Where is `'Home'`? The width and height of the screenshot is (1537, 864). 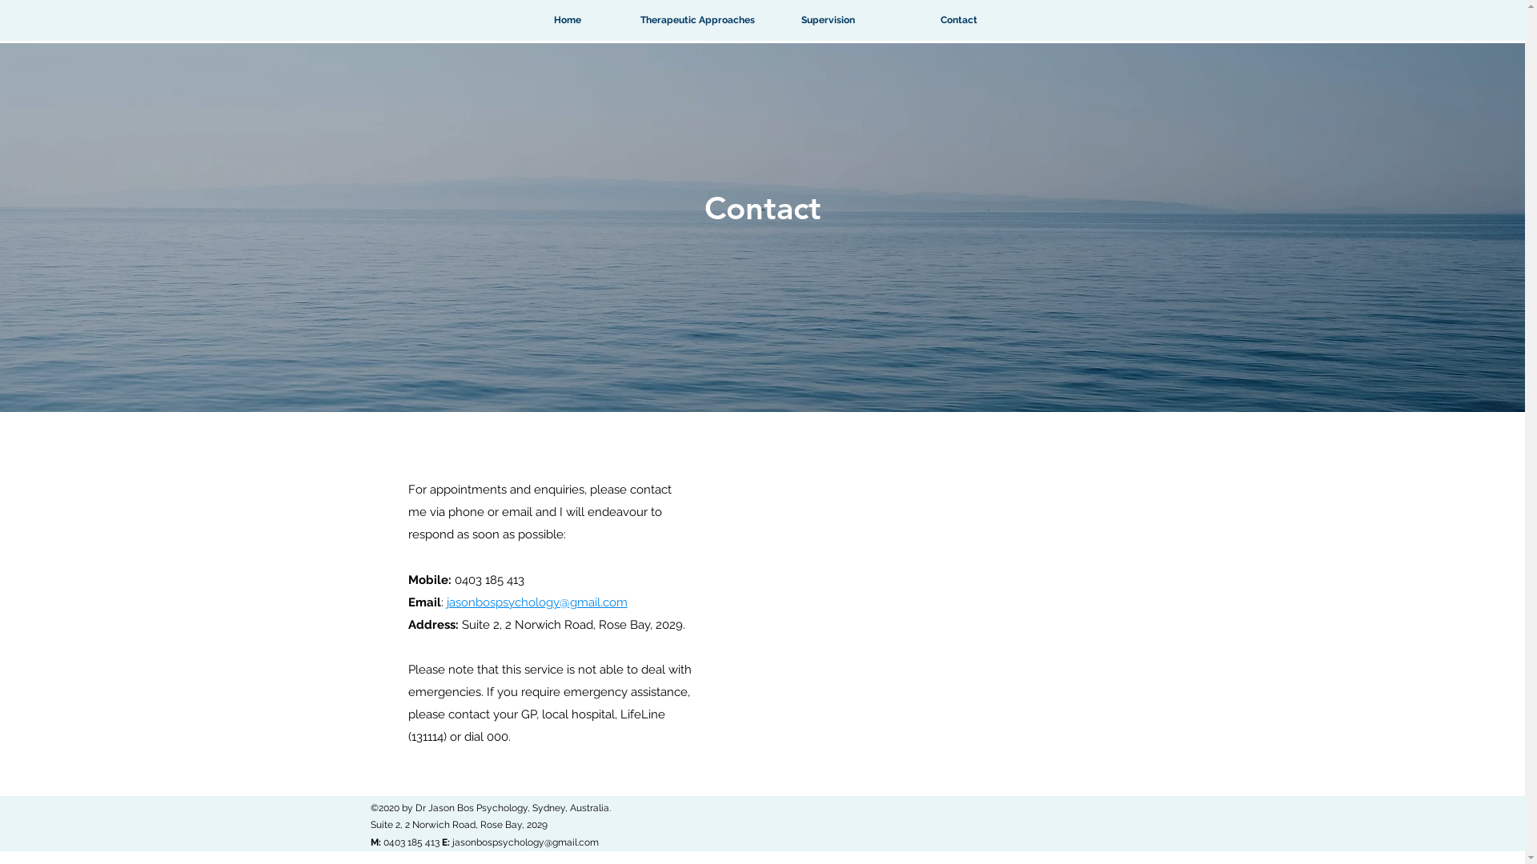 'Home' is located at coordinates (567, 20).